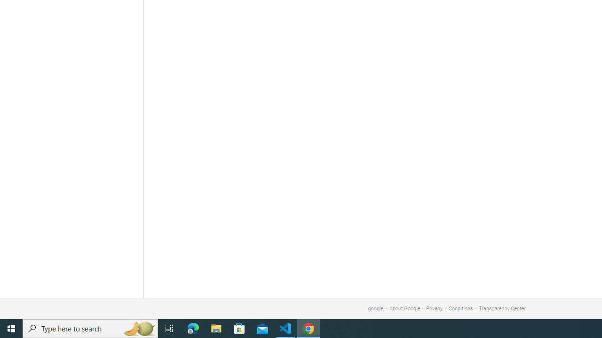 The height and width of the screenshot is (338, 602). Describe the element at coordinates (404, 308) in the screenshot. I see `'About Google'` at that location.